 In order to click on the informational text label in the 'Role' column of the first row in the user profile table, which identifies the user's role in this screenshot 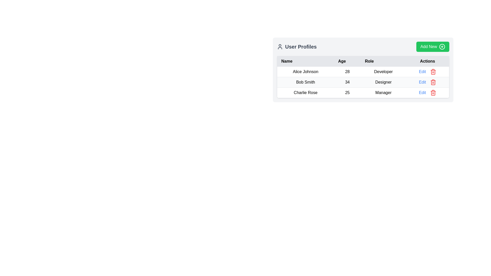, I will do `click(383, 72)`.